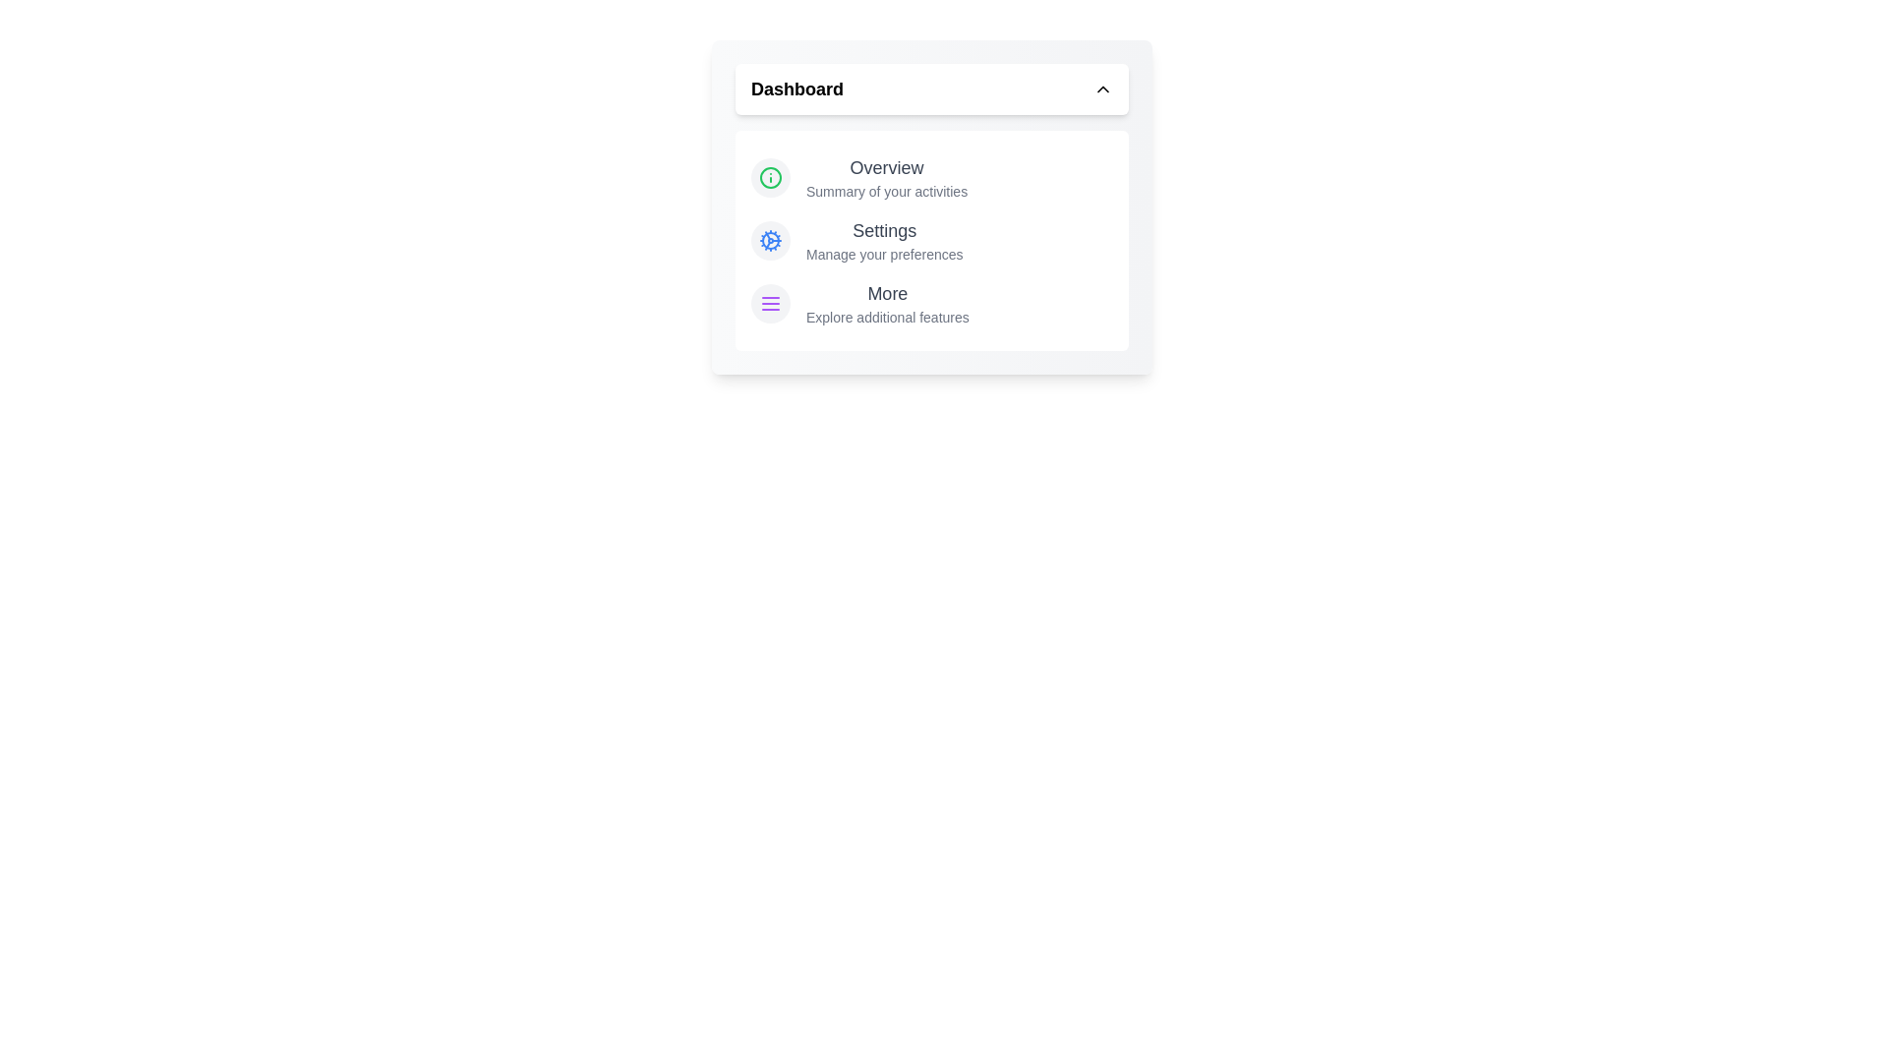 The image size is (1888, 1062). I want to click on the 'More' option in the menu, so click(886, 303).